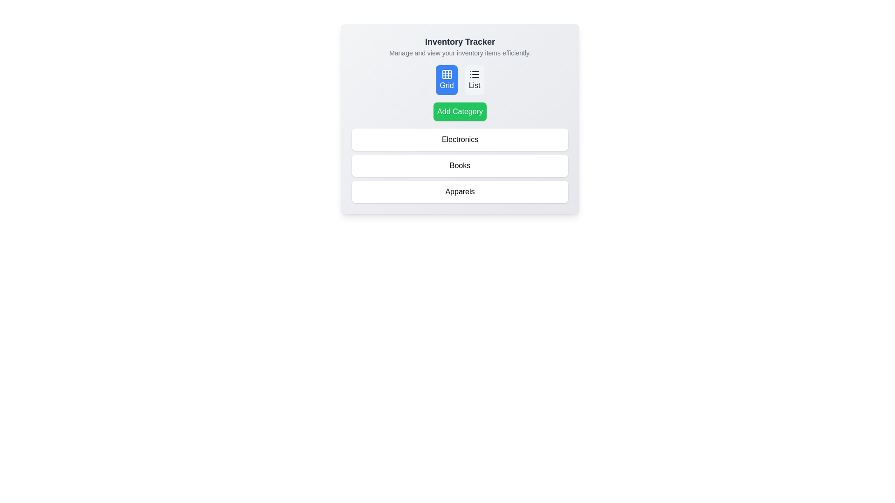  Describe the element at coordinates (460, 165) in the screenshot. I see `the 'Books' button, which is a rectangular button with rounded corners, a white background, and bold black text centered inside it, located beneath the 'Electronics' button` at that location.